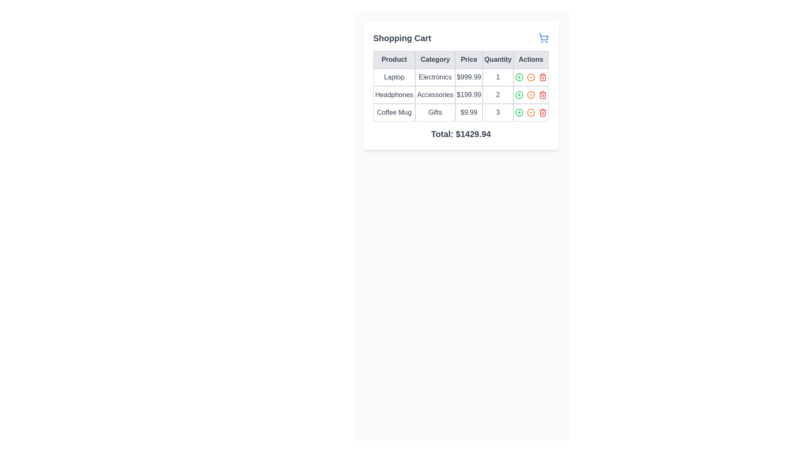 This screenshot has width=808, height=454. I want to click on the red trash can icon button in the Shopping Cart card, so click(542, 112).